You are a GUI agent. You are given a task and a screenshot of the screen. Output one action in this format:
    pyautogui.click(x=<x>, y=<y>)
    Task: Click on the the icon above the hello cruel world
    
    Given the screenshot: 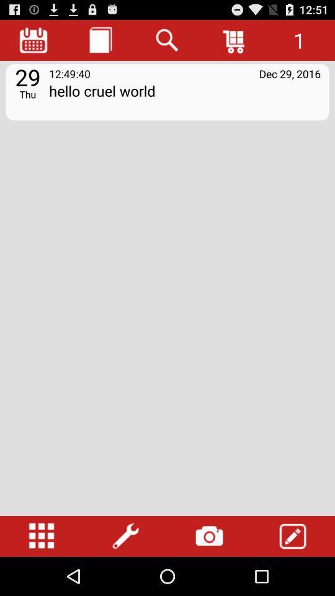 What is the action you would take?
    pyautogui.click(x=167, y=40)
    